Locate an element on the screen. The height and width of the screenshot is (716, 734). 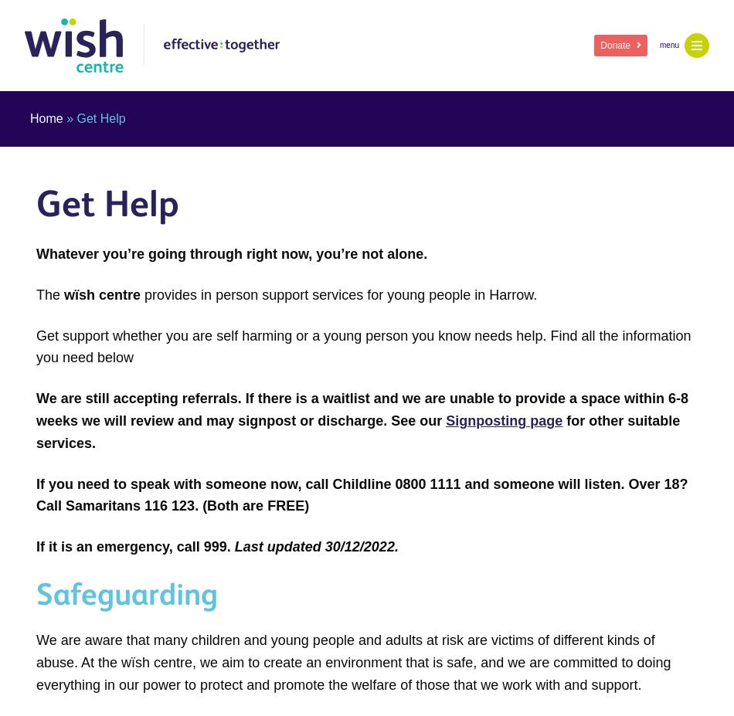
'Get support whether you are self harming or a young person you know needs help. Find all the information you need below' is located at coordinates (362, 345).